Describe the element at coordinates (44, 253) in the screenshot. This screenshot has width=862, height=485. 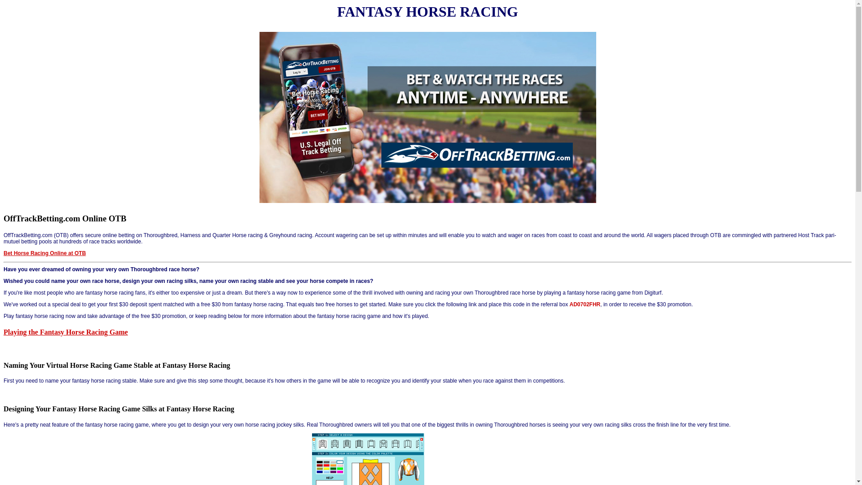
I see `'Bet Horse Racing Online at OTB'` at that location.